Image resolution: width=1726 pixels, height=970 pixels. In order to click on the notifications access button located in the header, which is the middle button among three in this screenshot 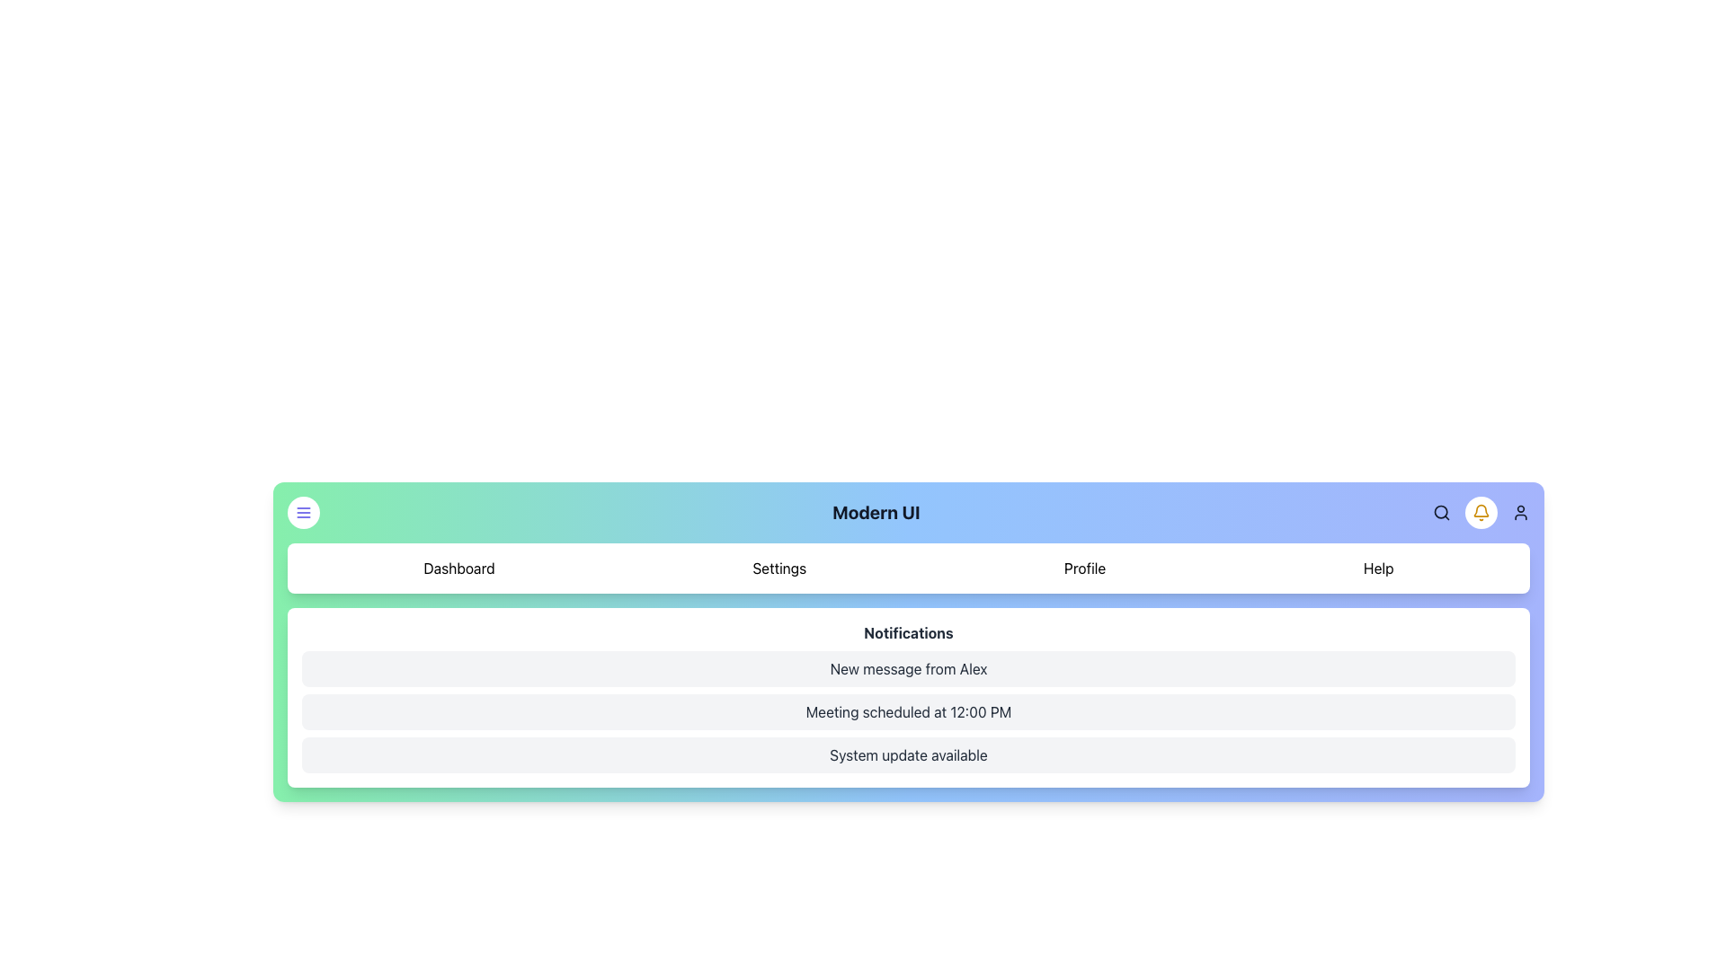, I will do `click(1481, 512)`.